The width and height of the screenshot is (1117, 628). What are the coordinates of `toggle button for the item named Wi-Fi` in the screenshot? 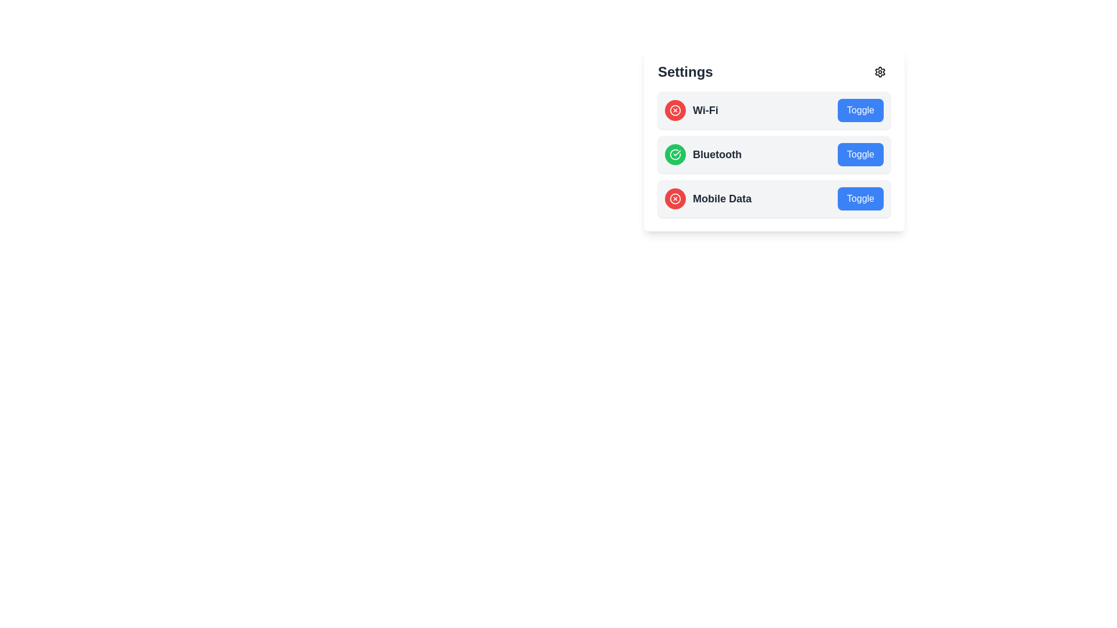 It's located at (860, 110).